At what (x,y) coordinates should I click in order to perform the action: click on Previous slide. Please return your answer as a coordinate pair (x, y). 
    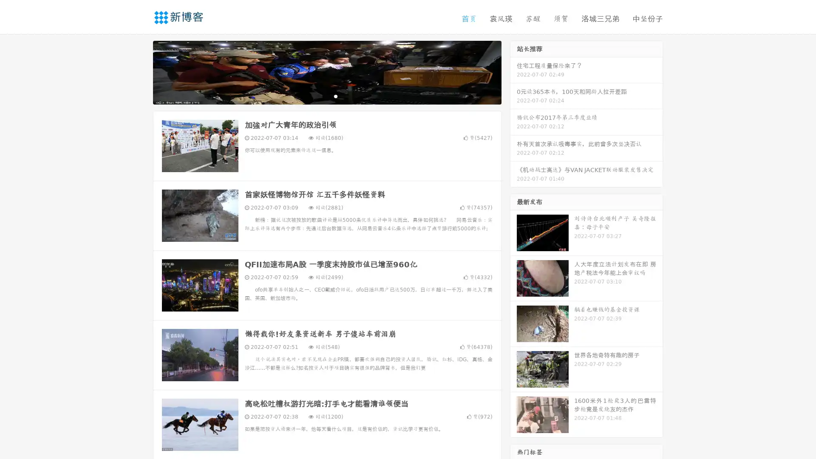
    Looking at the image, I should click on (140, 71).